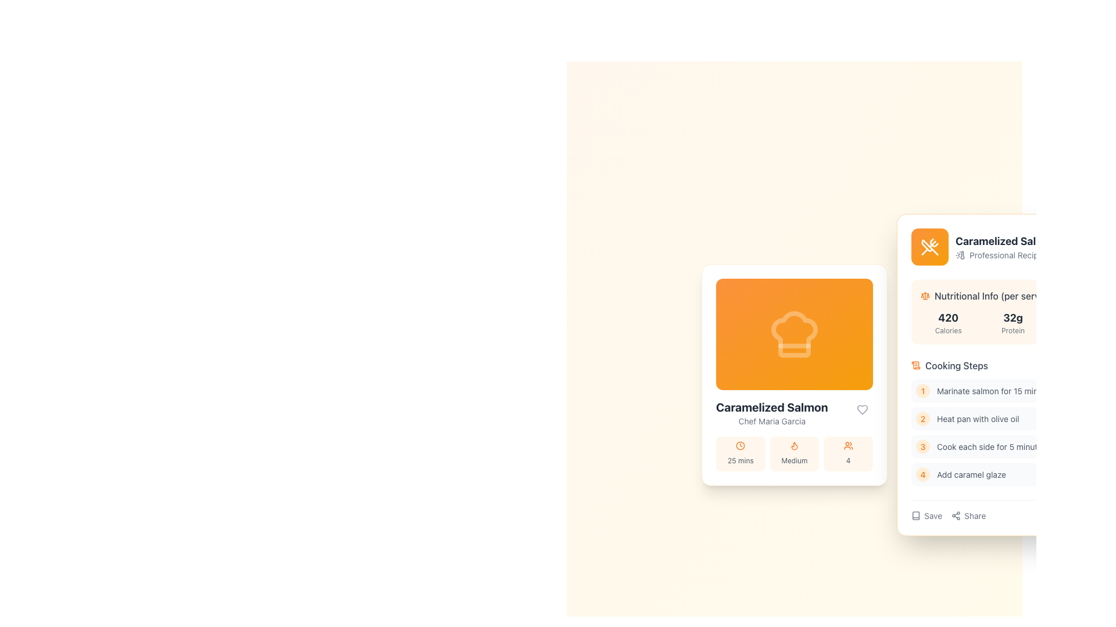  What do you see at coordinates (794, 445) in the screenshot?
I see `the heat or flaming aspect icon located in the header area of the recipe card for 'Caramelized Salmon', positioned at the top-left of the detailed recipe information` at bounding box center [794, 445].